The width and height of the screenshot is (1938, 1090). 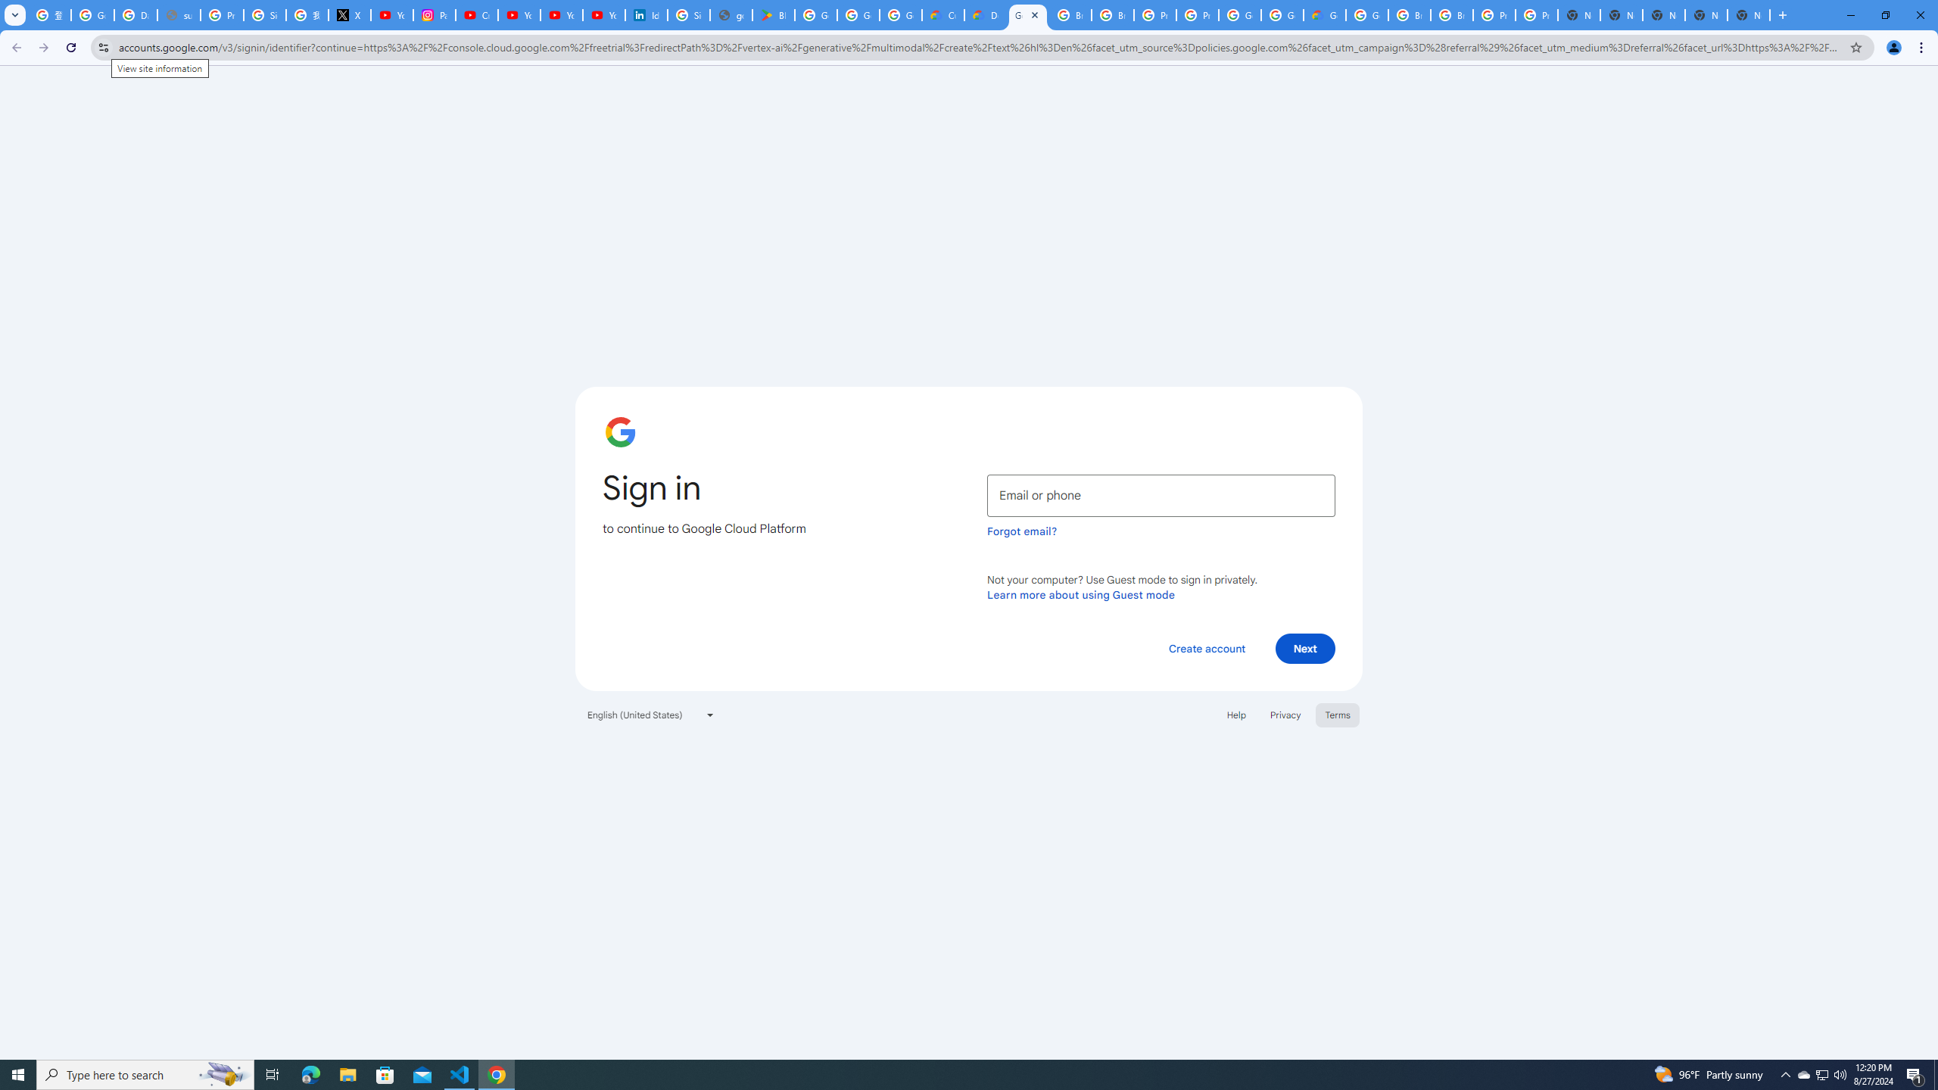 What do you see at coordinates (1305, 647) in the screenshot?
I see `'Next'` at bounding box center [1305, 647].